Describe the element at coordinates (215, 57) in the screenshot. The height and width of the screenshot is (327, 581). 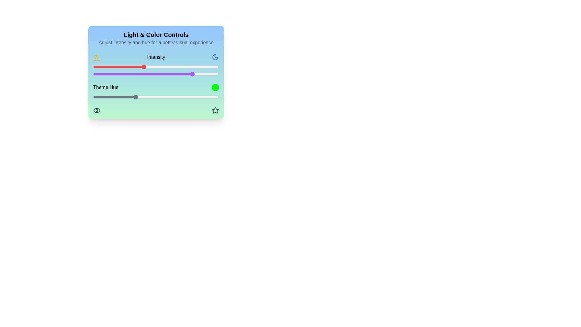
I see `the night mode icon located in the top-right section of the 'Light & Color Controls' panel, near the label 'Intensity'` at that location.